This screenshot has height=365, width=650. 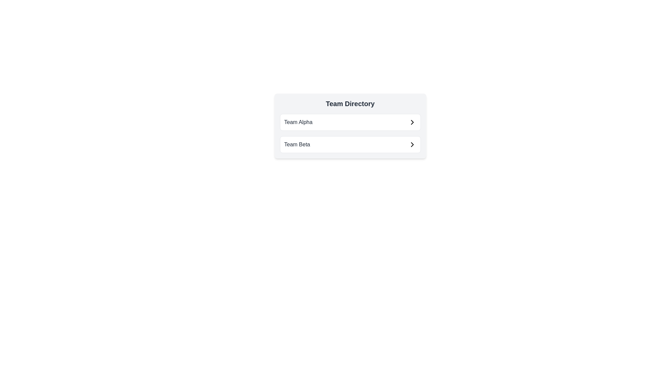 What do you see at coordinates (412, 122) in the screenshot?
I see `the right-pointing chevron icon, which is an SVG graphic located to the right of the 'Team Alpha' text in the Team Directory UI` at bounding box center [412, 122].